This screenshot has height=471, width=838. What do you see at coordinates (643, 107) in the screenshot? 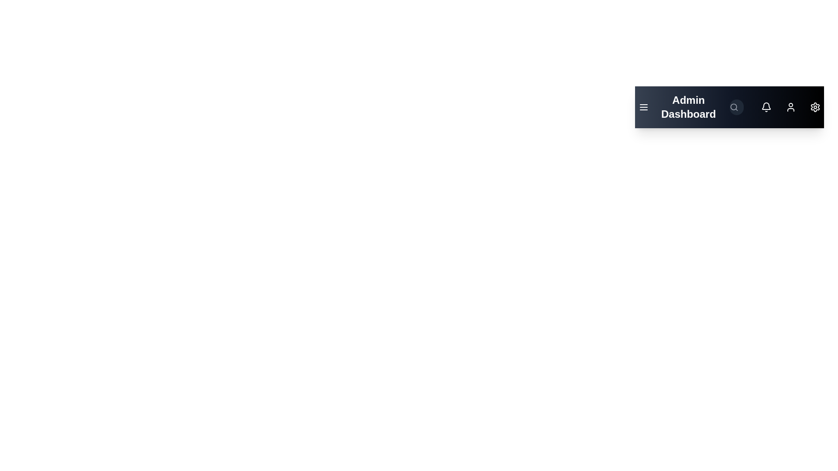
I see `the menu button to open the navigation menu` at bounding box center [643, 107].